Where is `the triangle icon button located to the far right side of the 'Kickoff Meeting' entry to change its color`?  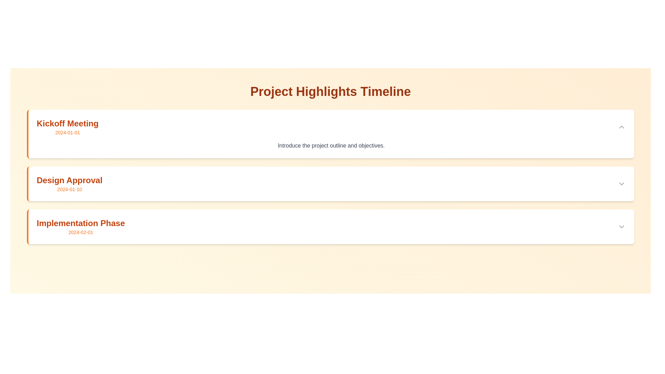
the triangle icon button located to the far right side of the 'Kickoff Meeting' entry to change its color is located at coordinates (622, 127).